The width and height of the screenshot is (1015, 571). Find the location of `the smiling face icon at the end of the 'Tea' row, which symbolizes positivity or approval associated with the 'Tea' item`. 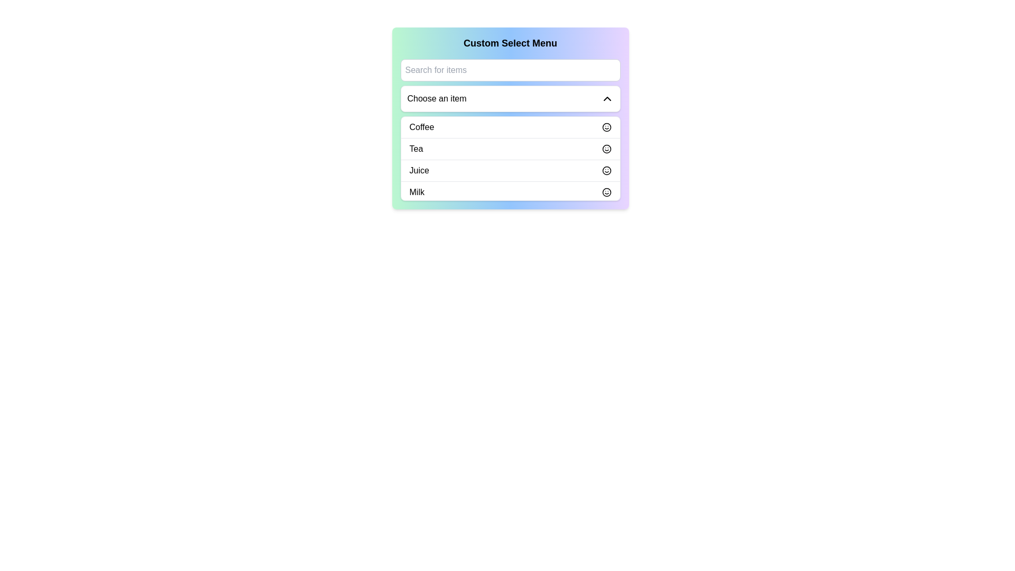

the smiling face icon at the end of the 'Tea' row, which symbolizes positivity or approval associated with the 'Tea' item is located at coordinates (606, 149).